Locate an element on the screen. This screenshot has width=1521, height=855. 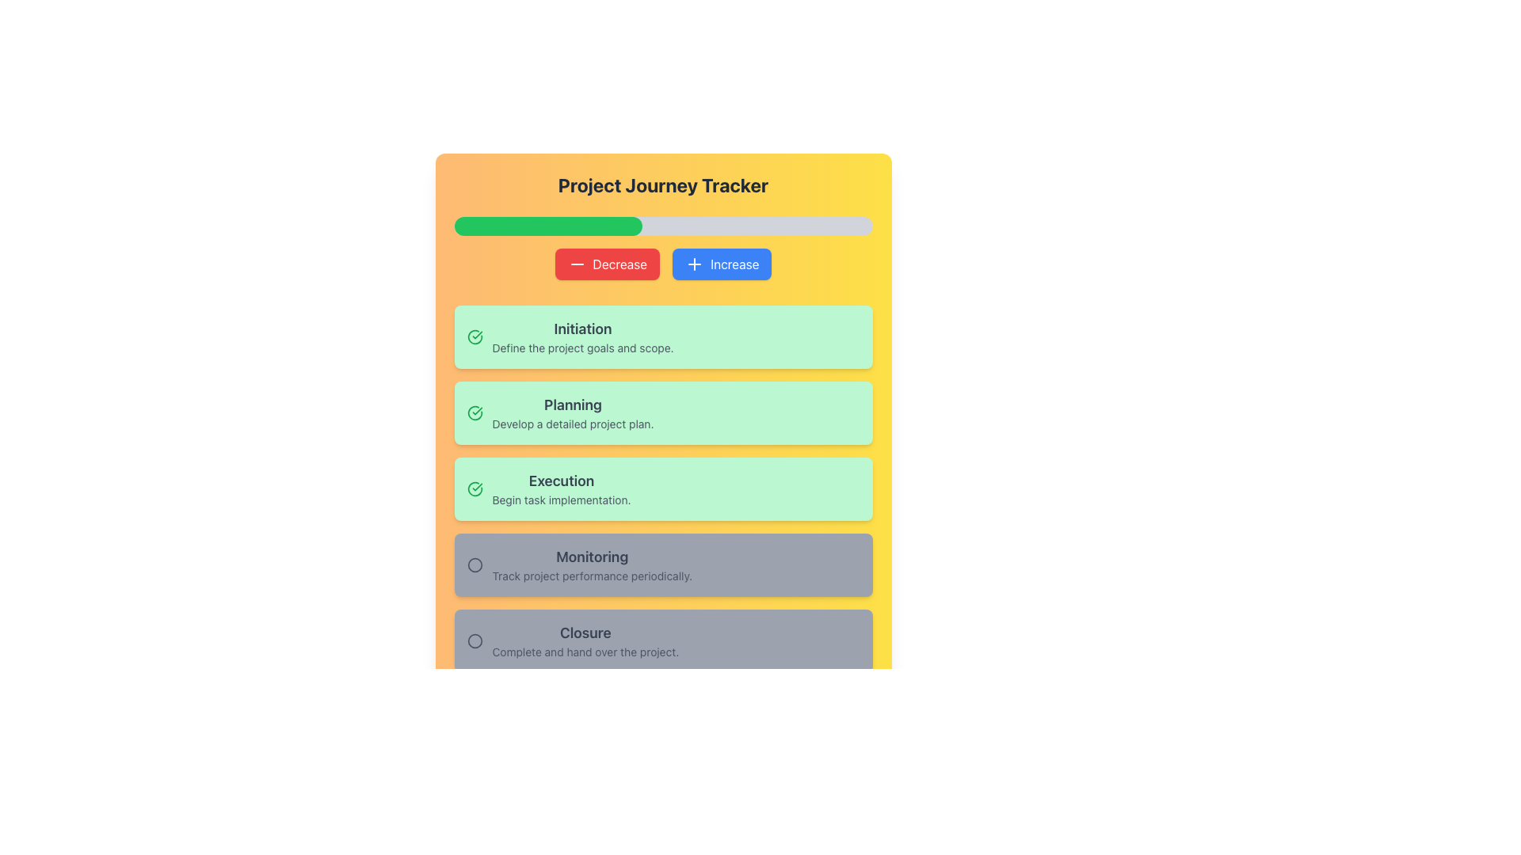
displayed message in the text label that contains 'Begin task implementation.' located beneath the title 'Execution' is located at coordinates (562, 500).